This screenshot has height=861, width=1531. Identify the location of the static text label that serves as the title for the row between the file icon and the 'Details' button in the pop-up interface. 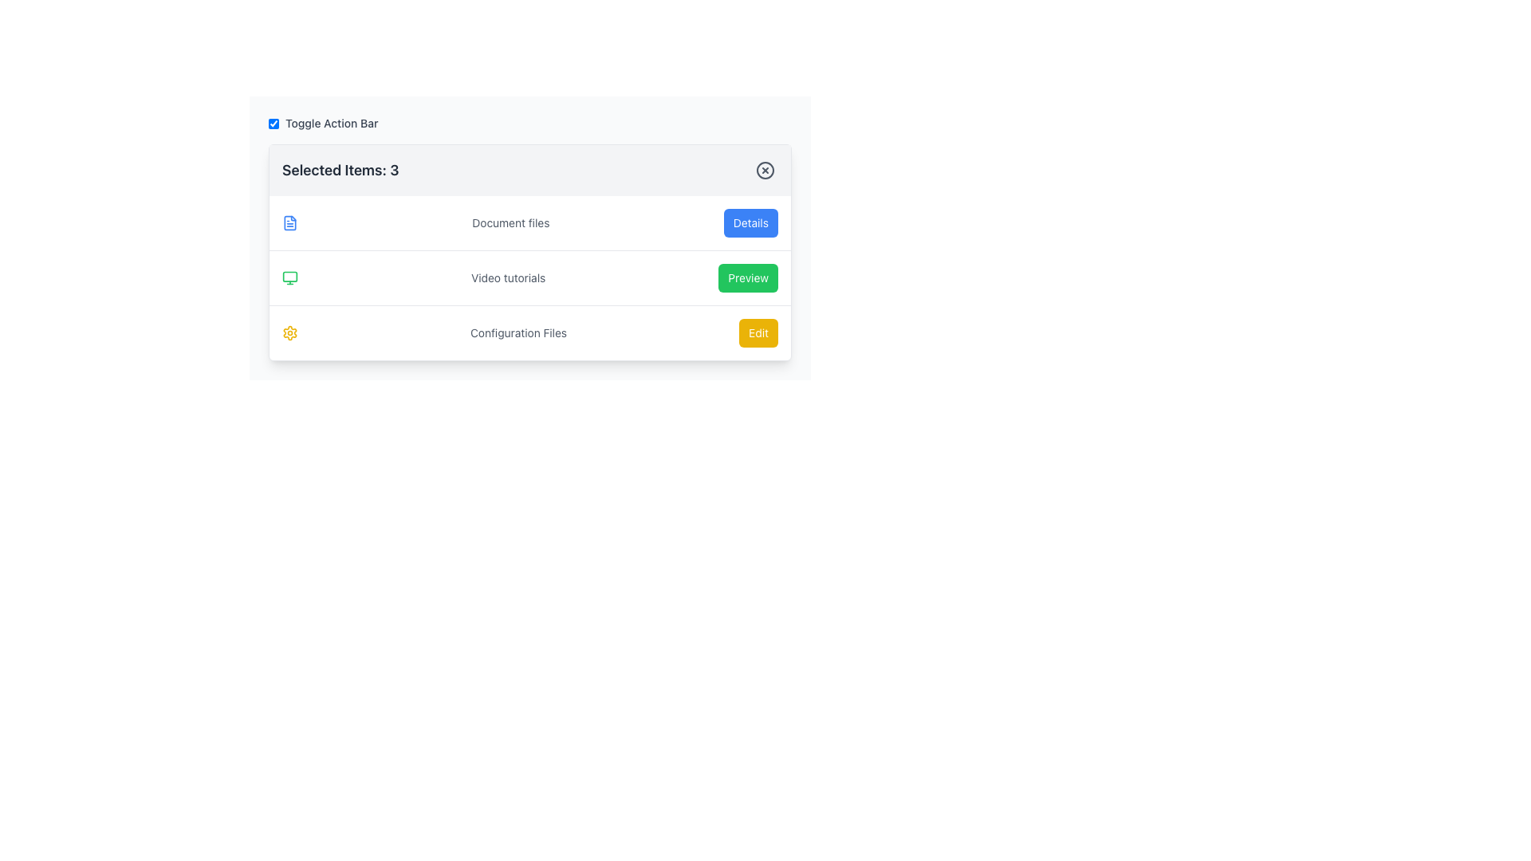
(510, 223).